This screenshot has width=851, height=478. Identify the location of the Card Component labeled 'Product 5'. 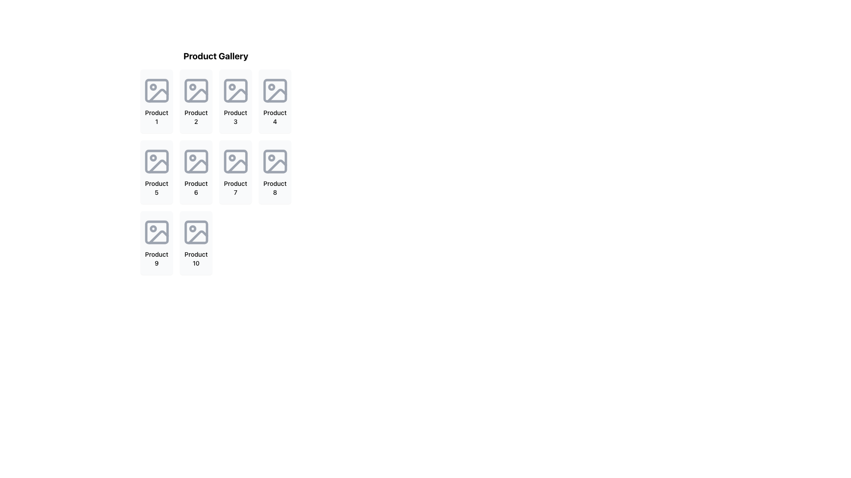
(156, 172).